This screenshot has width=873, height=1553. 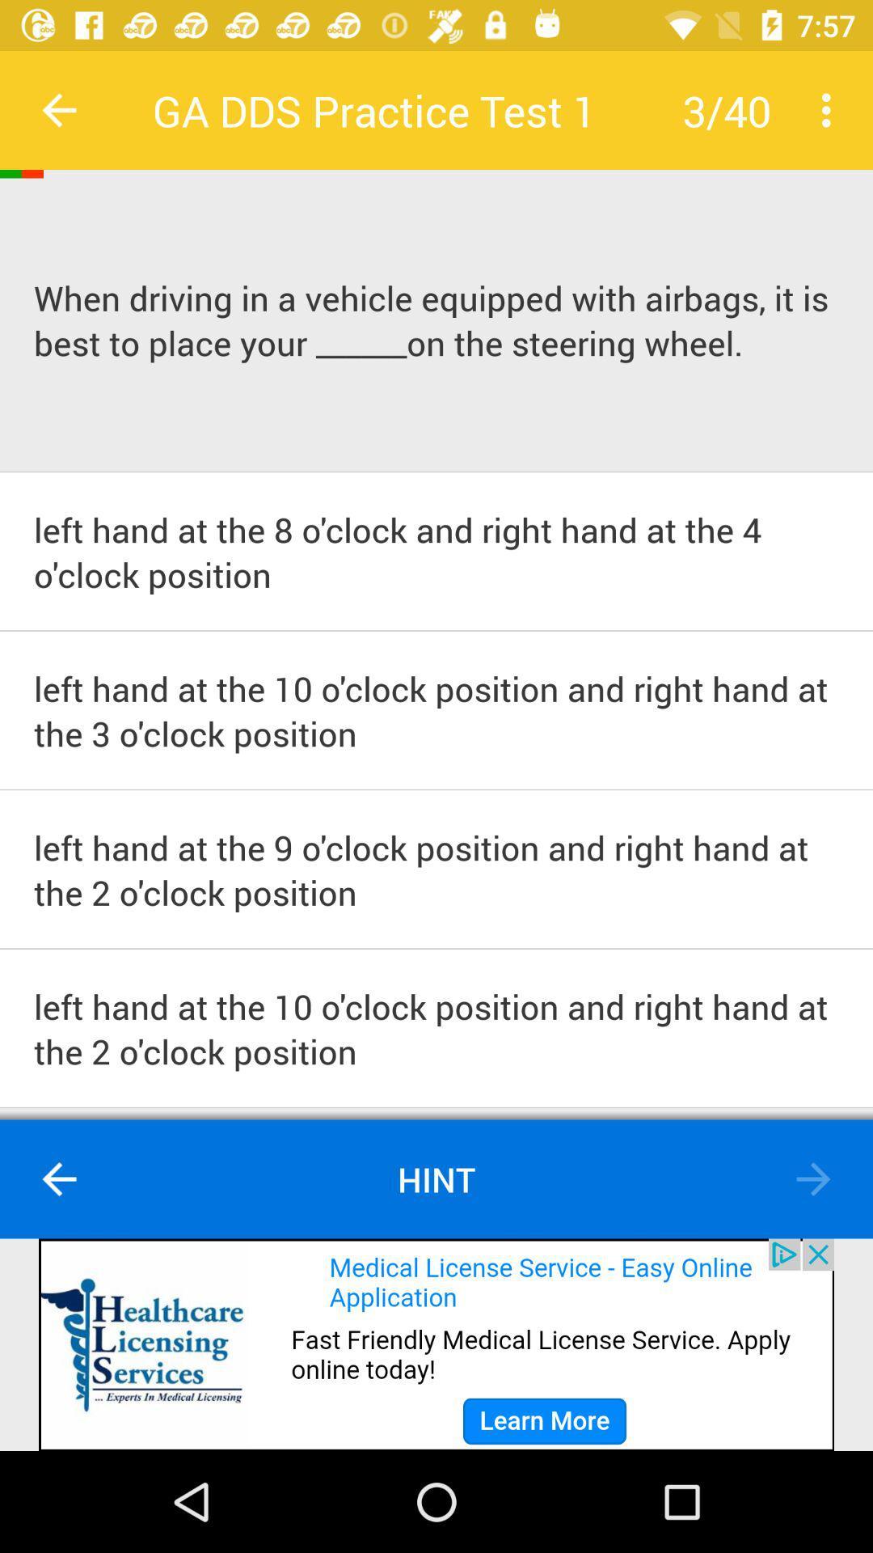 What do you see at coordinates (58, 109) in the screenshot?
I see `previous button` at bounding box center [58, 109].